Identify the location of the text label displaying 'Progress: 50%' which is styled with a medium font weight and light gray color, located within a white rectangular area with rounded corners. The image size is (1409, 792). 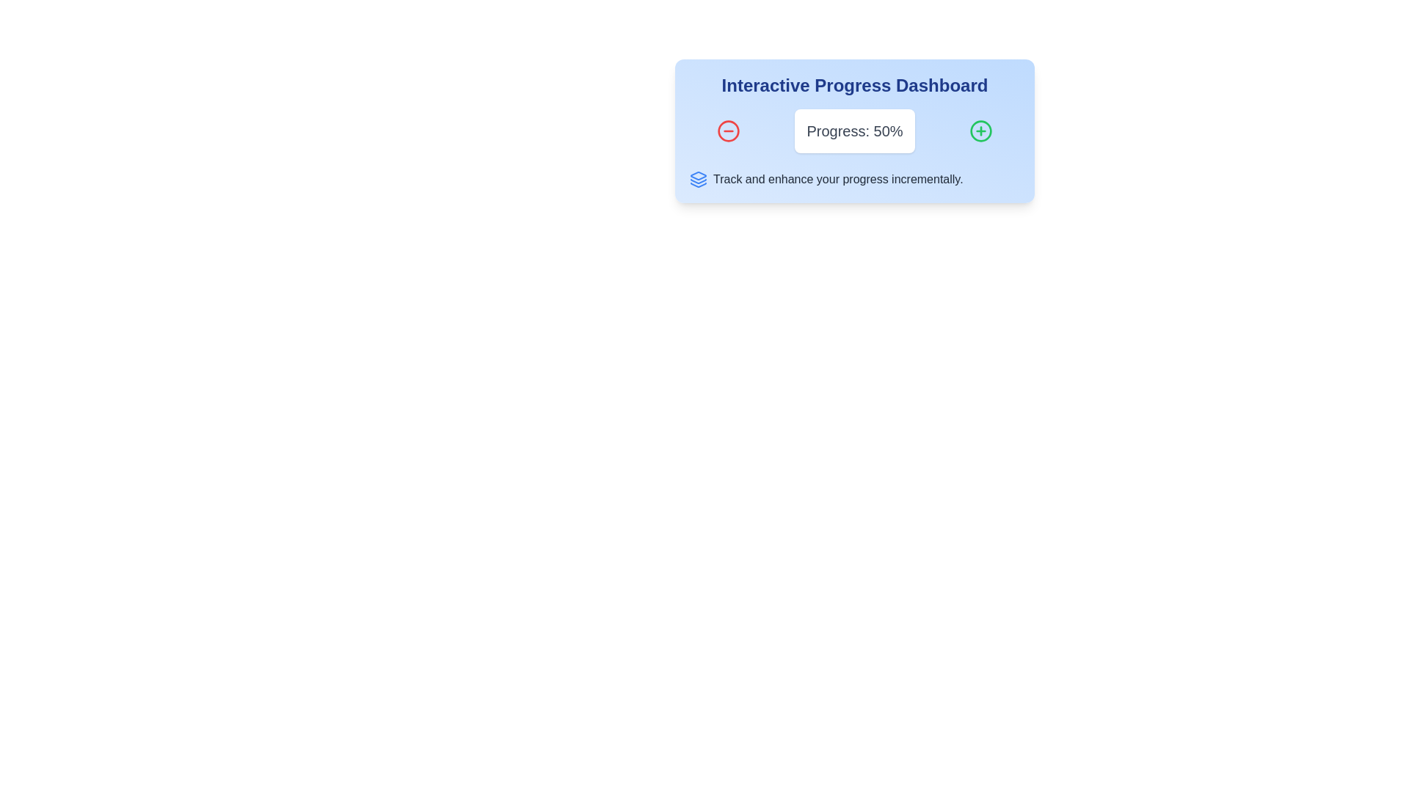
(855, 130).